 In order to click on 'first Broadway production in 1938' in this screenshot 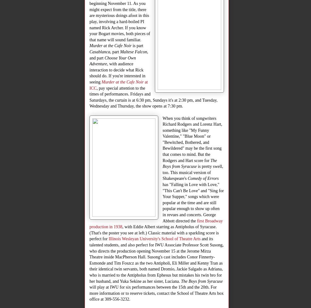, I will do `click(89, 223)`.